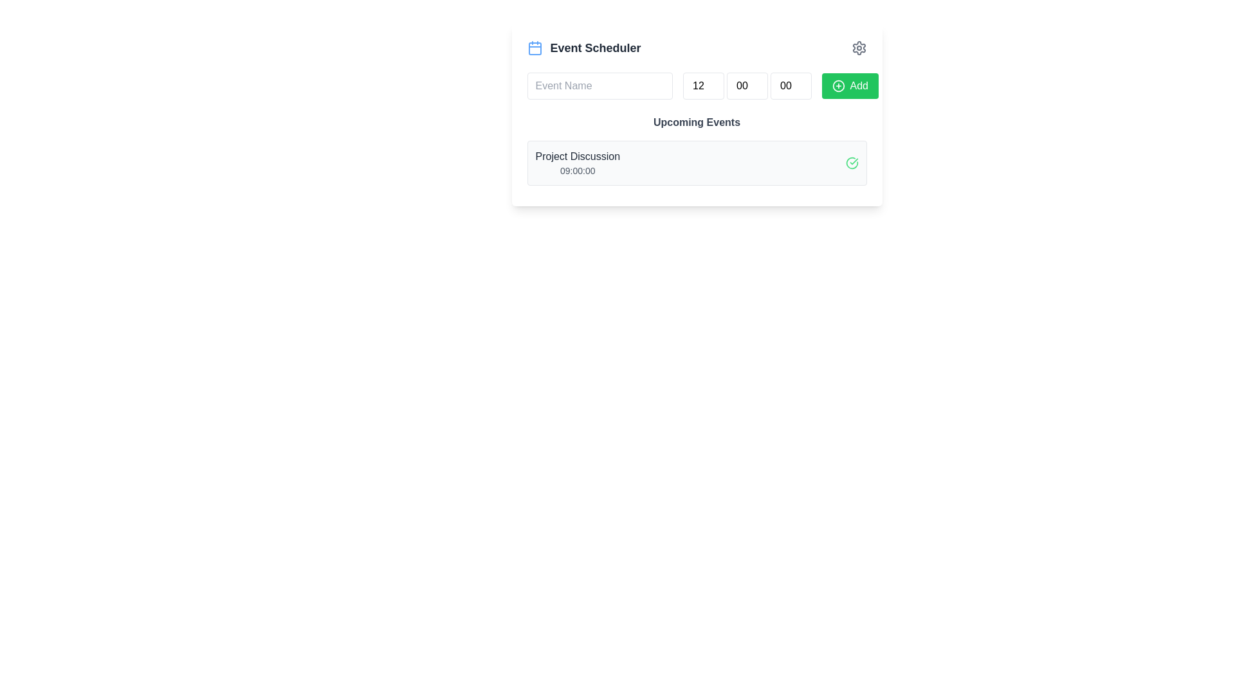 This screenshot has width=1235, height=694. What do you see at coordinates (702, 86) in the screenshot?
I see `the rectangular number input field with a white background and gray outline in the 'Event Scheduler' module to focus it` at bounding box center [702, 86].